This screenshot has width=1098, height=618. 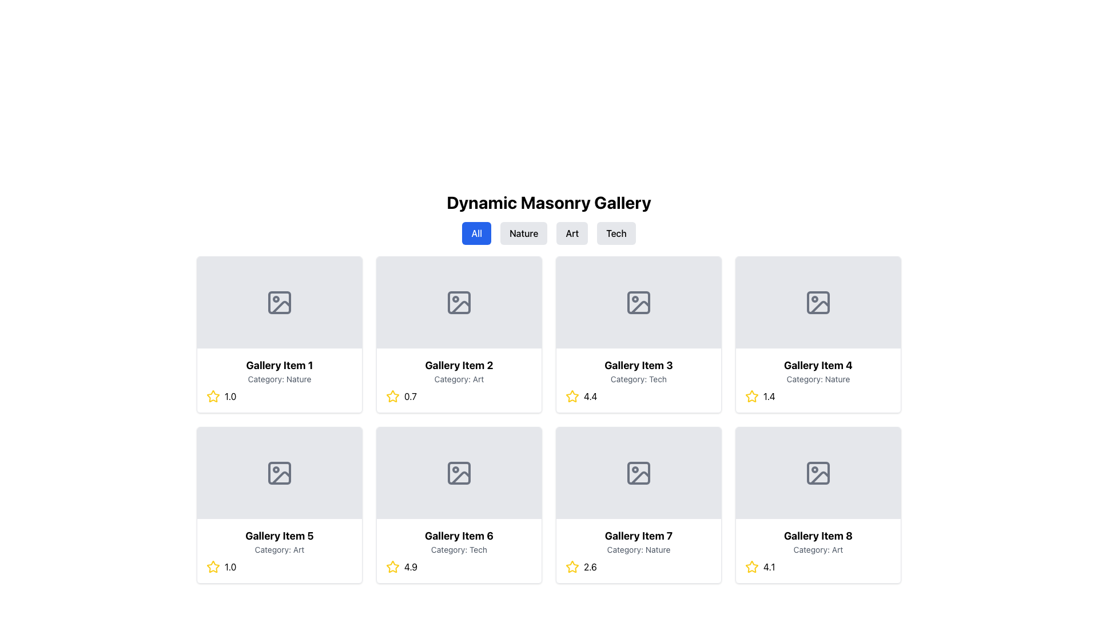 What do you see at coordinates (280, 549) in the screenshot?
I see `the label text reading 'Category: Art' positioned below 'Gallery Item 5' and above the rating component to trigger a tooltip or interaction` at bounding box center [280, 549].